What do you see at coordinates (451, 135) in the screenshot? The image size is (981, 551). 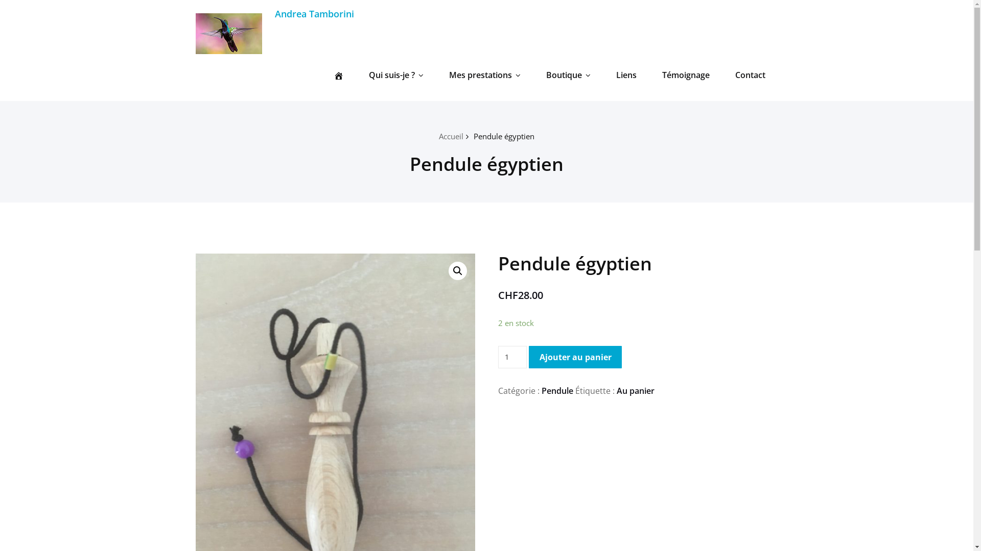 I see `'Accueil'` at bounding box center [451, 135].